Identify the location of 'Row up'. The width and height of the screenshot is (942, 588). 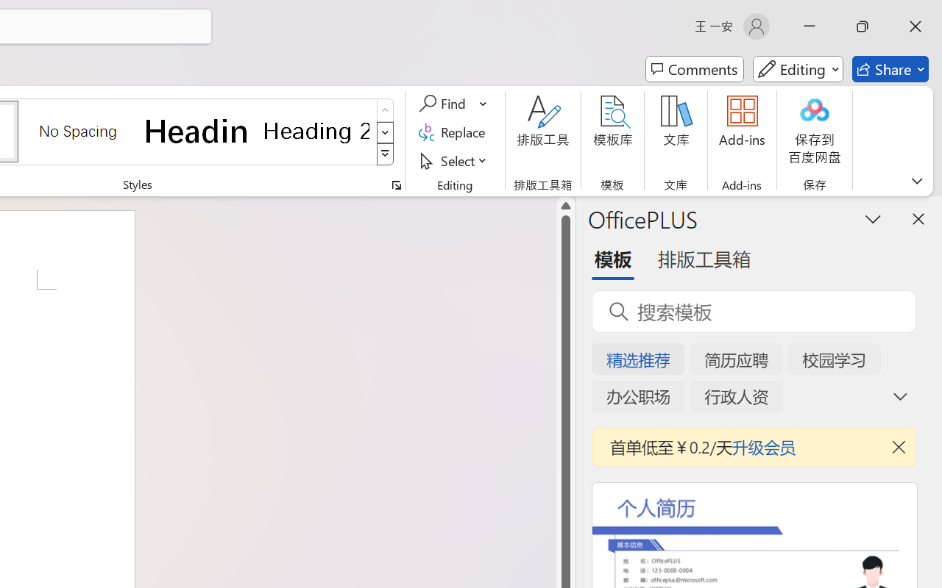
(385, 110).